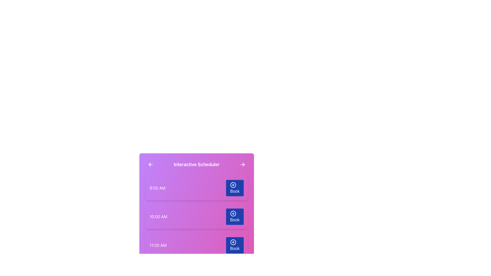 The height and width of the screenshot is (276, 491). I want to click on the circular icon with a '+' symbol inside, styled with a blue background and a white stroke, located towards the upper right corner of the 'Book' button connected to the '9:00 AM' entry in the scheduler list for information about its functionality, so click(233, 185).